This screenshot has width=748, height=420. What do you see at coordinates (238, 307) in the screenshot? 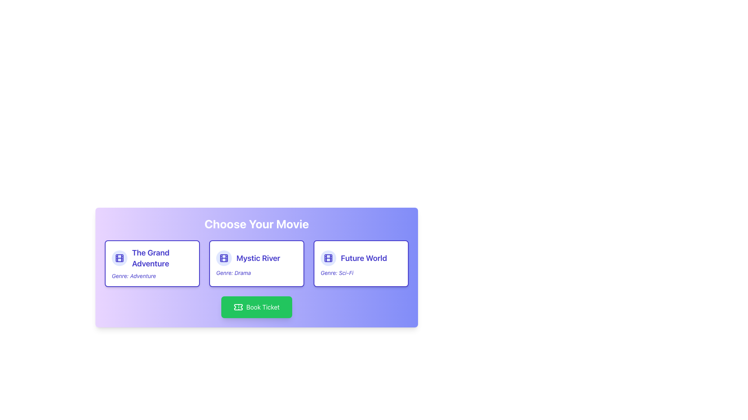
I see `the decorative icon located on the left end of the 'Book Ticket' button, which is green with white text, to indicate the purpose of ticket booking` at bounding box center [238, 307].